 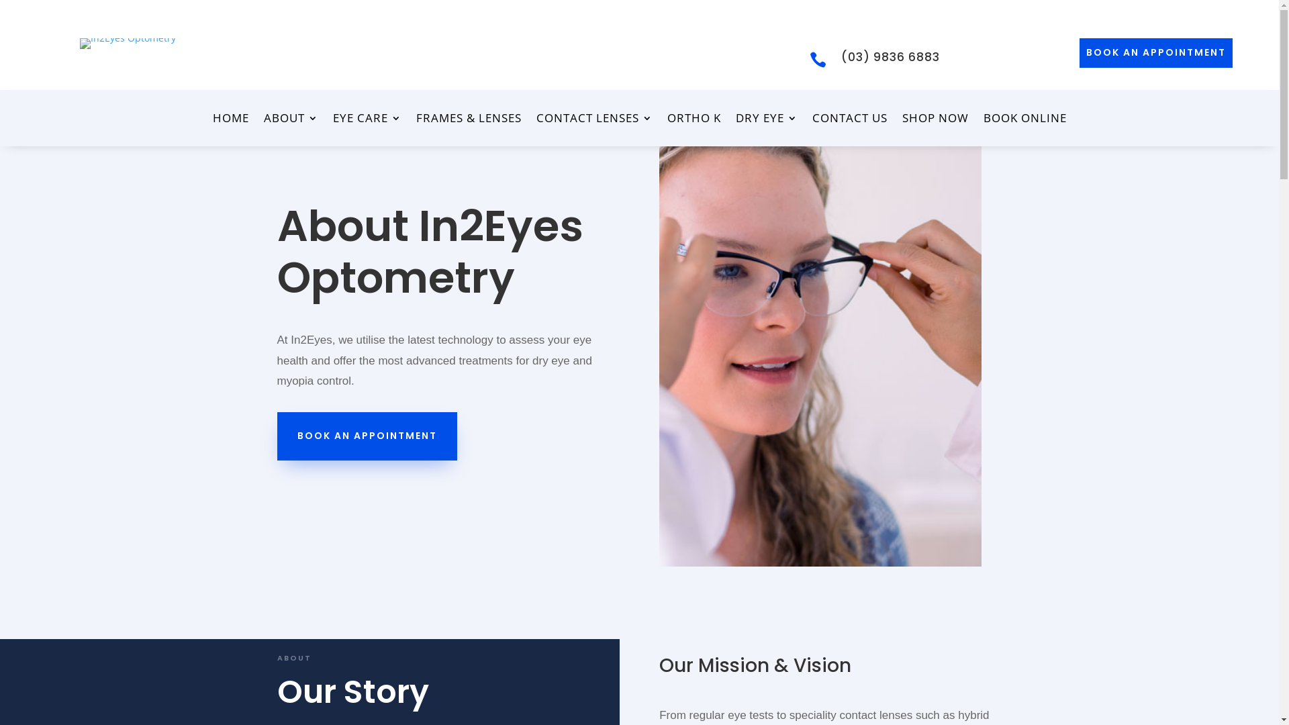 What do you see at coordinates (211, 121) in the screenshot?
I see `'HOME'` at bounding box center [211, 121].